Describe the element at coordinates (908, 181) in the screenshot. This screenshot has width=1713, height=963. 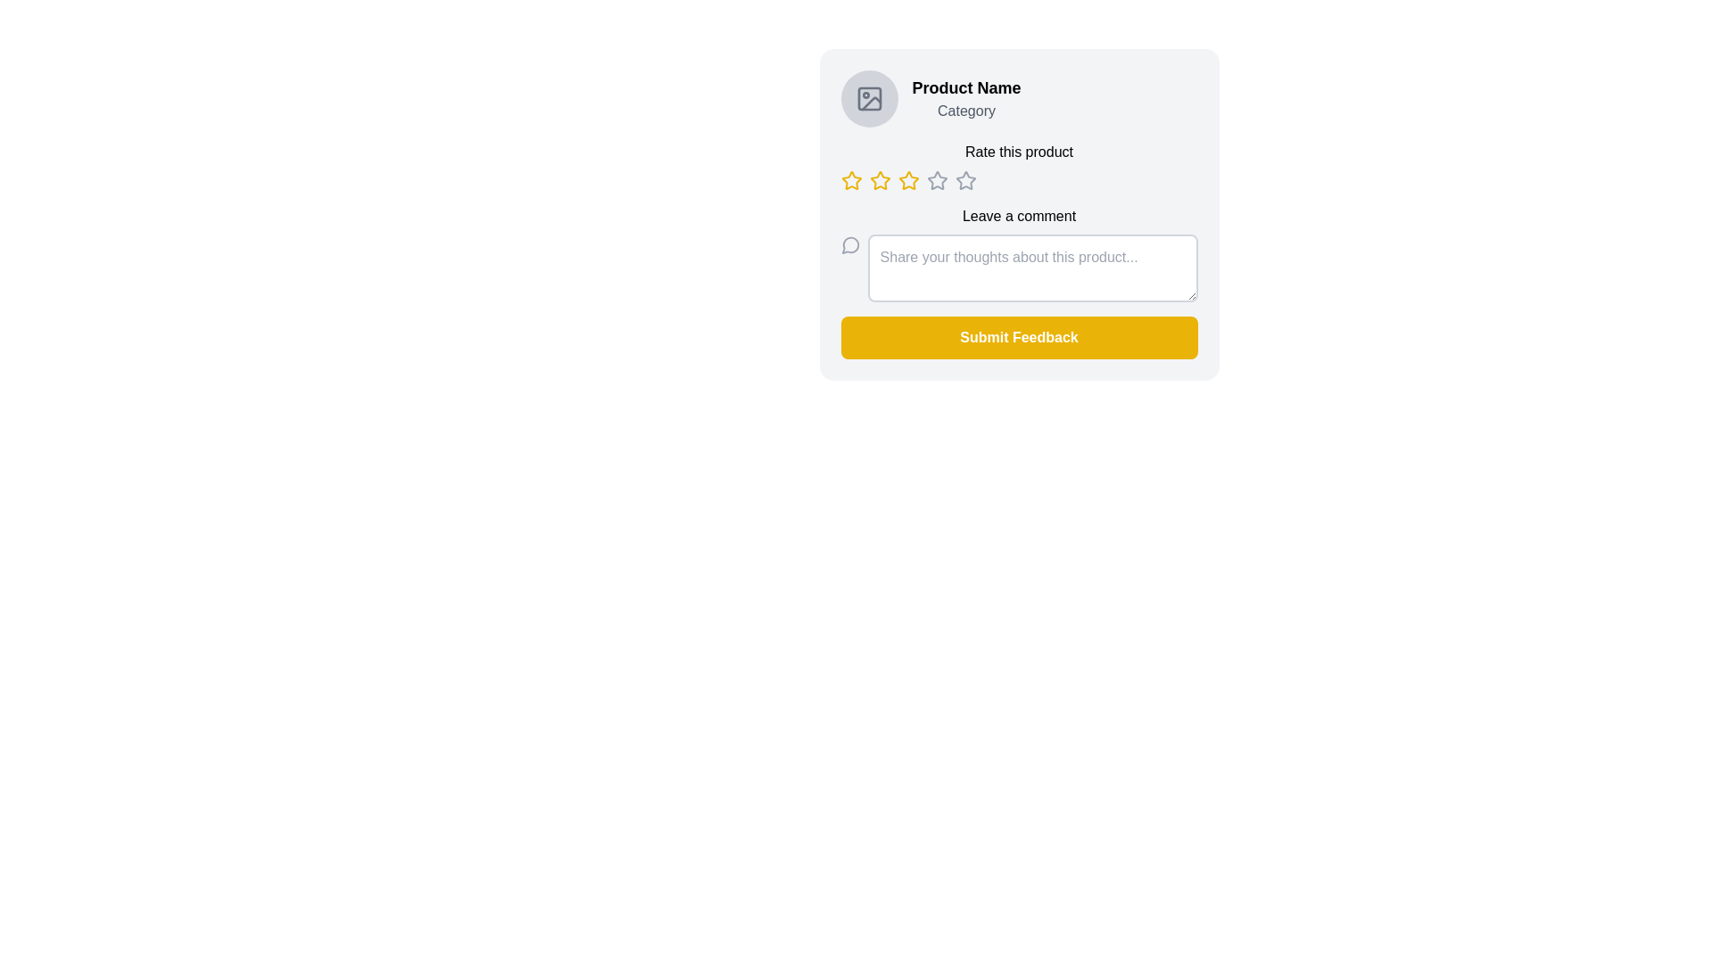
I see `the fourth star icon in the star rating system` at that location.